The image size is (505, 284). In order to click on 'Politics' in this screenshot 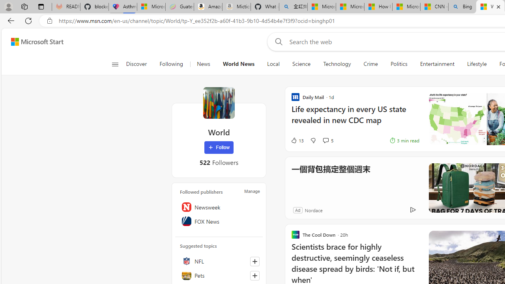, I will do `click(399, 64)`.